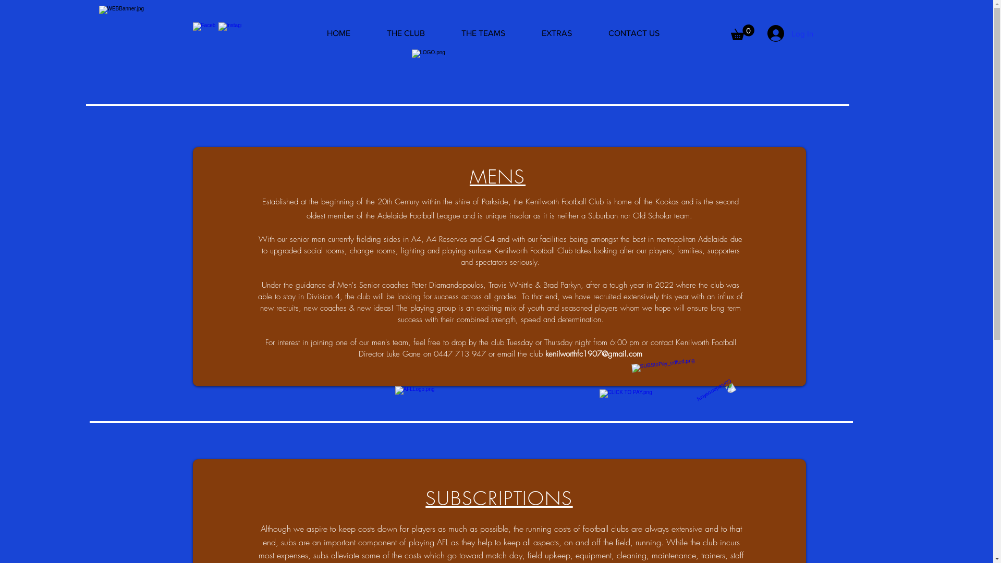  Describe the element at coordinates (405, 33) in the screenshot. I see `'THE CLUB'` at that location.